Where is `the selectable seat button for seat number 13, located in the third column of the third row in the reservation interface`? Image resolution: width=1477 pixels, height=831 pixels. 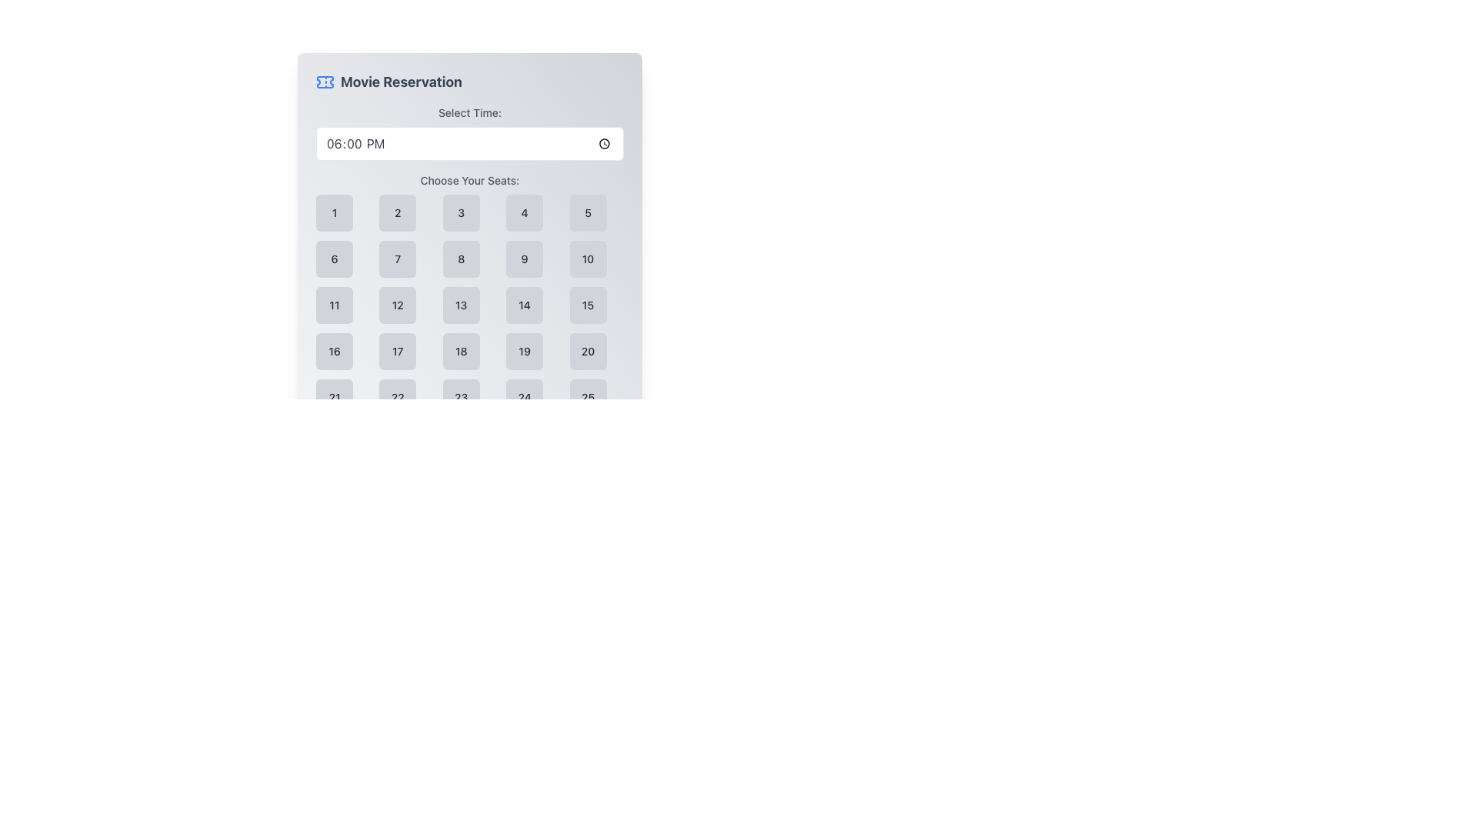
the selectable seat button for seat number 13, located in the third column of the third row in the reservation interface is located at coordinates (460, 305).